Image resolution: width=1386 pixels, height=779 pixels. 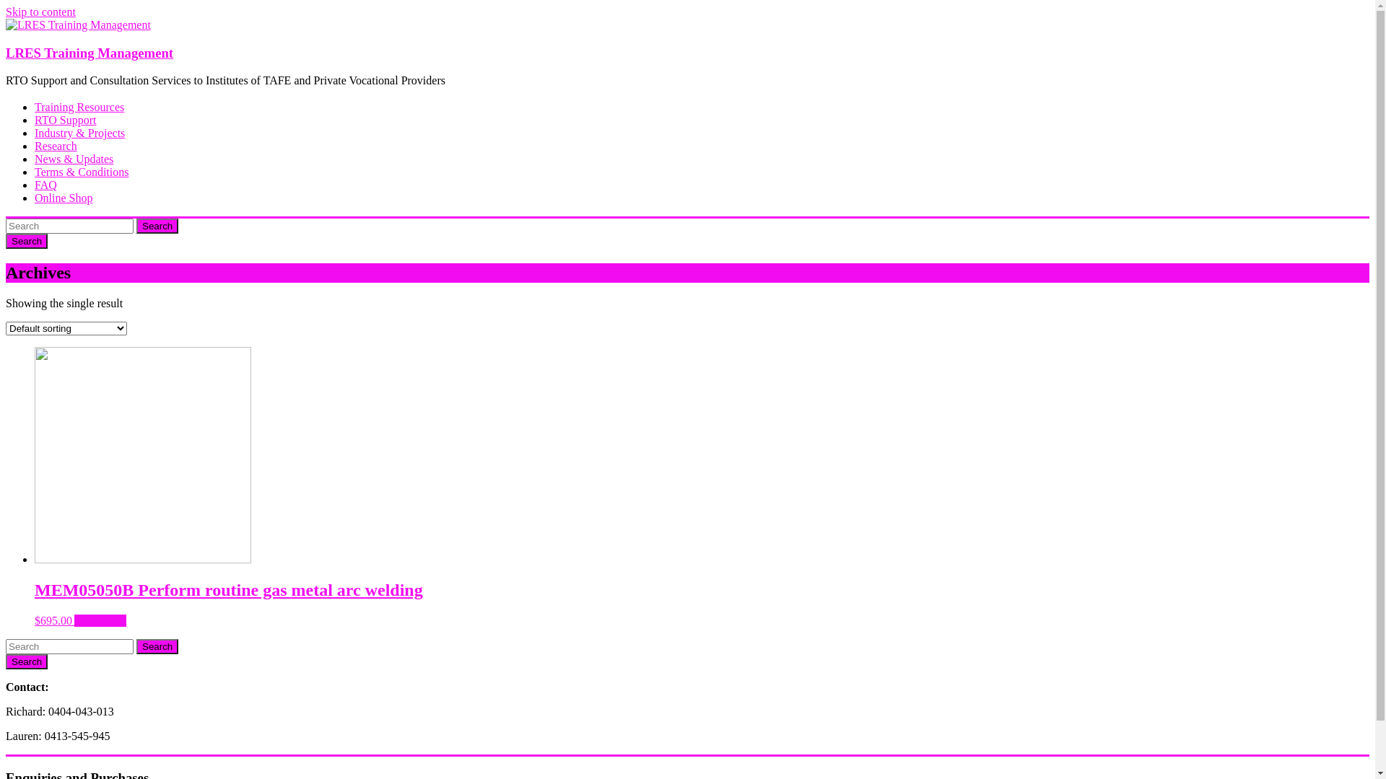 I want to click on 'RTO Support', so click(x=64, y=119).